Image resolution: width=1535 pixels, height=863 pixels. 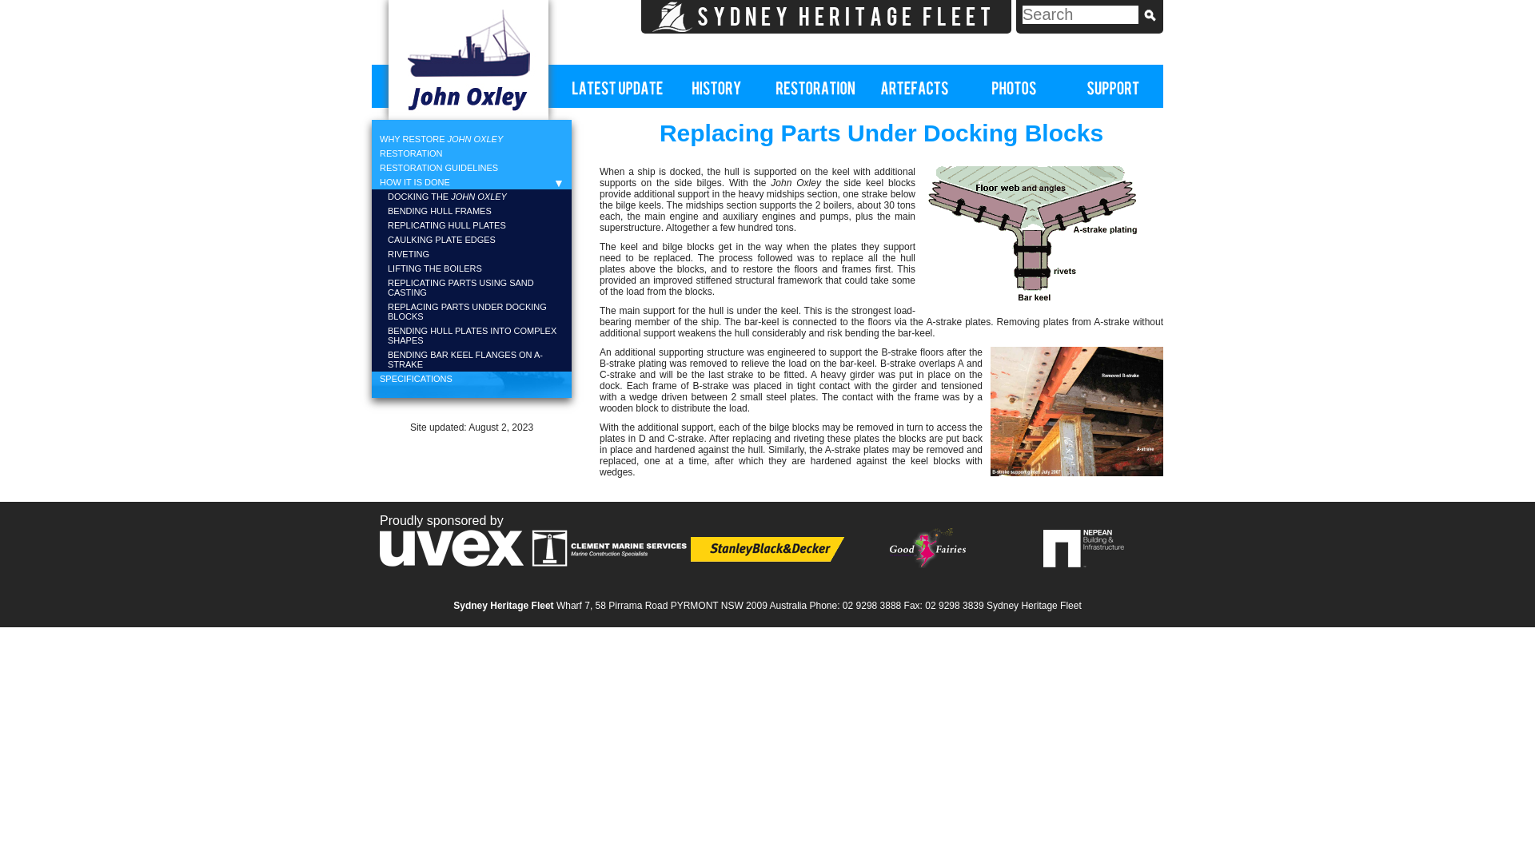 What do you see at coordinates (371, 311) in the screenshot?
I see `'REPLACING PARTS UNDER DOCKING BLOCKS'` at bounding box center [371, 311].